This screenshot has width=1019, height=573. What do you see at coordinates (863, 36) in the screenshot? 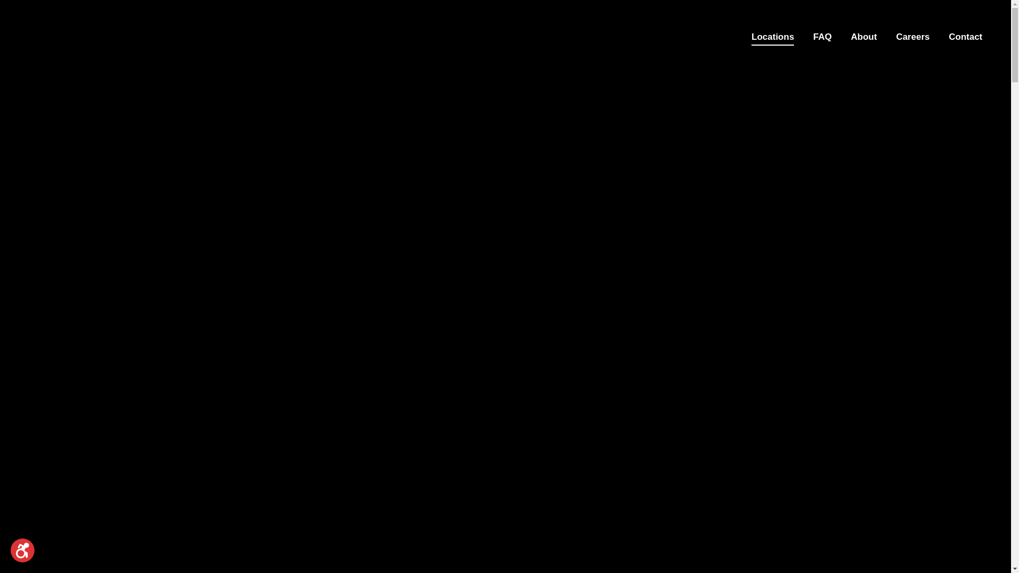
I see `'About'` at bounding box center [863, 36].